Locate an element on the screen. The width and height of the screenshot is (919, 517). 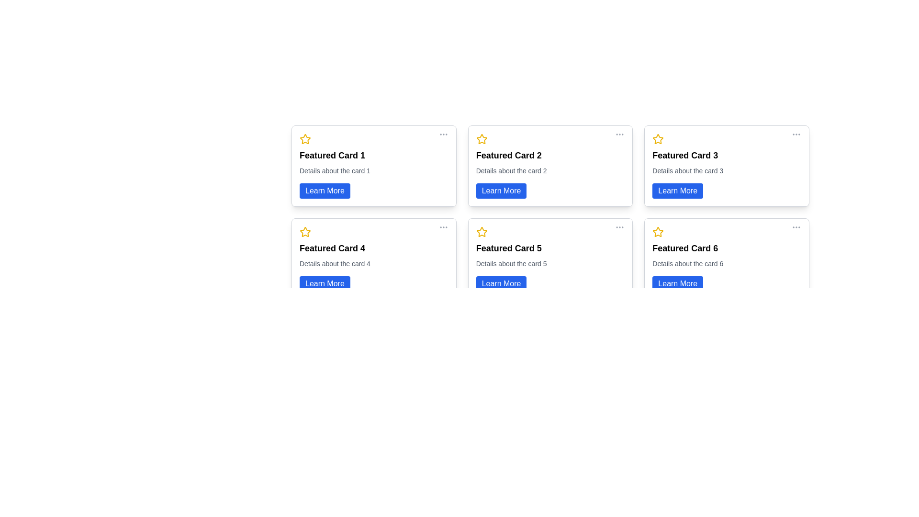
the 'Learn More' button located at the bottom of 'Featured Card 3' is located at coordinates (677, 191).